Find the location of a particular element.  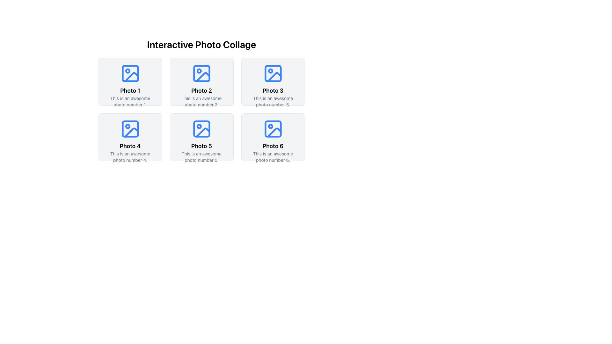

the decorative icon indicating the presence of a photo related to 'Photo 6', located in the bottom-right corner of the sixth card in a 2x3 grid layout is located at coordinates (273, 129).